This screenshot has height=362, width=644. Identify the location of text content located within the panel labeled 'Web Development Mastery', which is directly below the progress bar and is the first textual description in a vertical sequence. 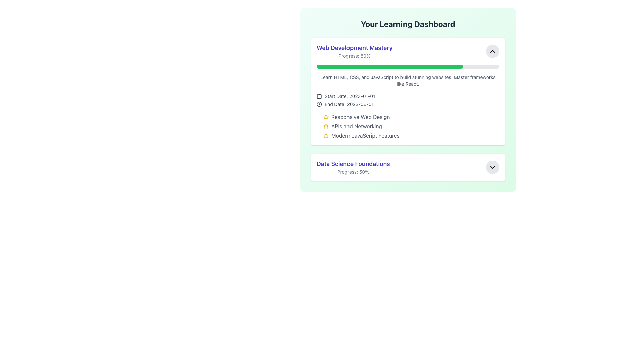
(408, 80).